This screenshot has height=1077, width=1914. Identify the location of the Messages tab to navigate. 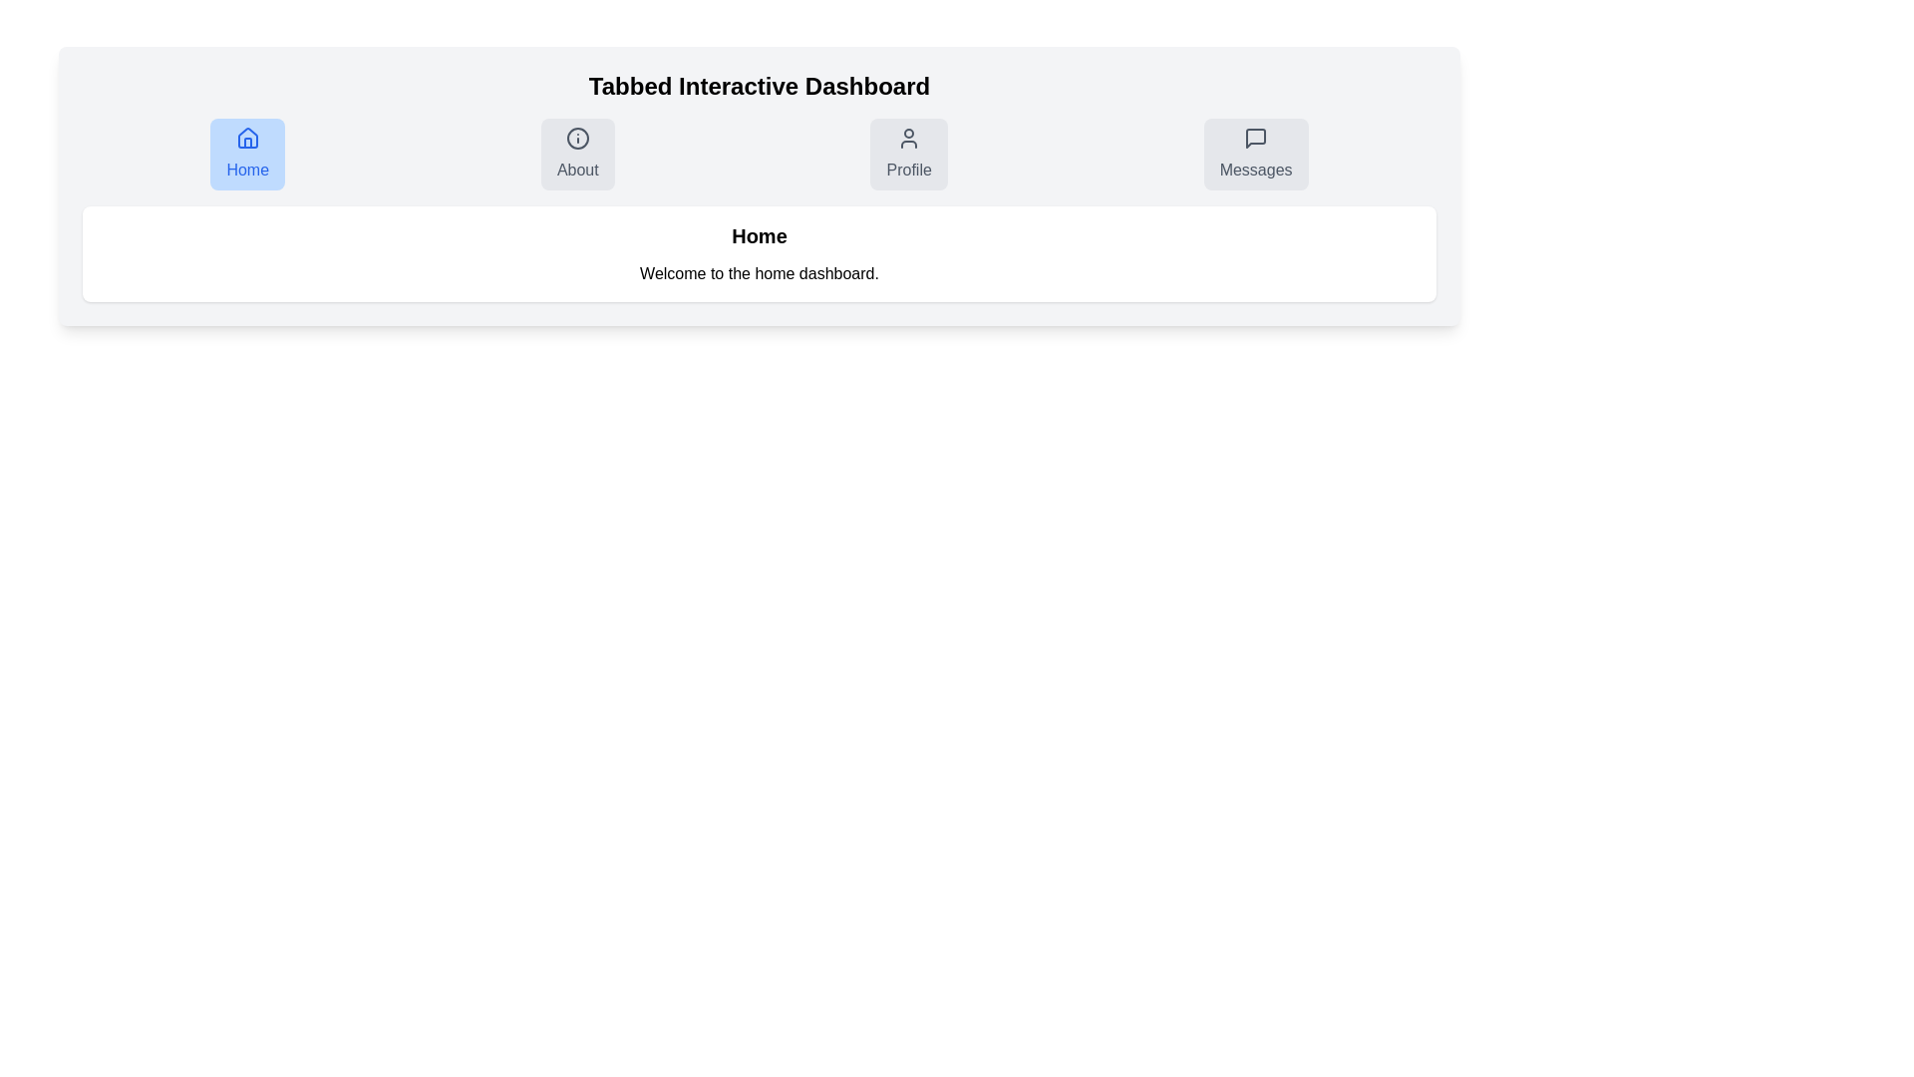
(1255, 153).